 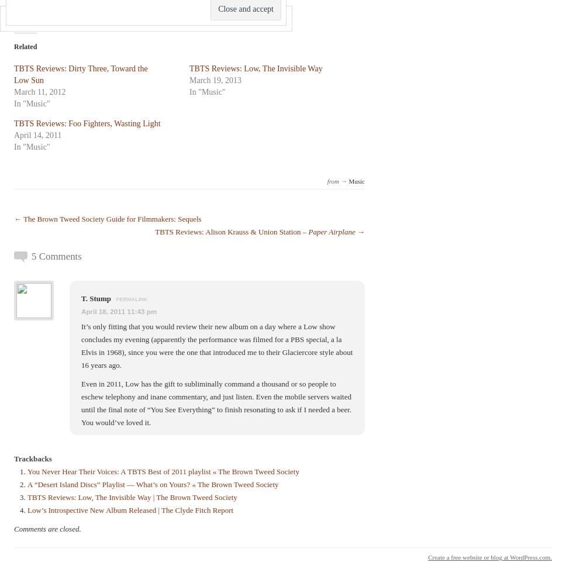 I want to click on 'TBTS Reviews: Alison Krauss & Union Station –', so click(x=155, y=231).